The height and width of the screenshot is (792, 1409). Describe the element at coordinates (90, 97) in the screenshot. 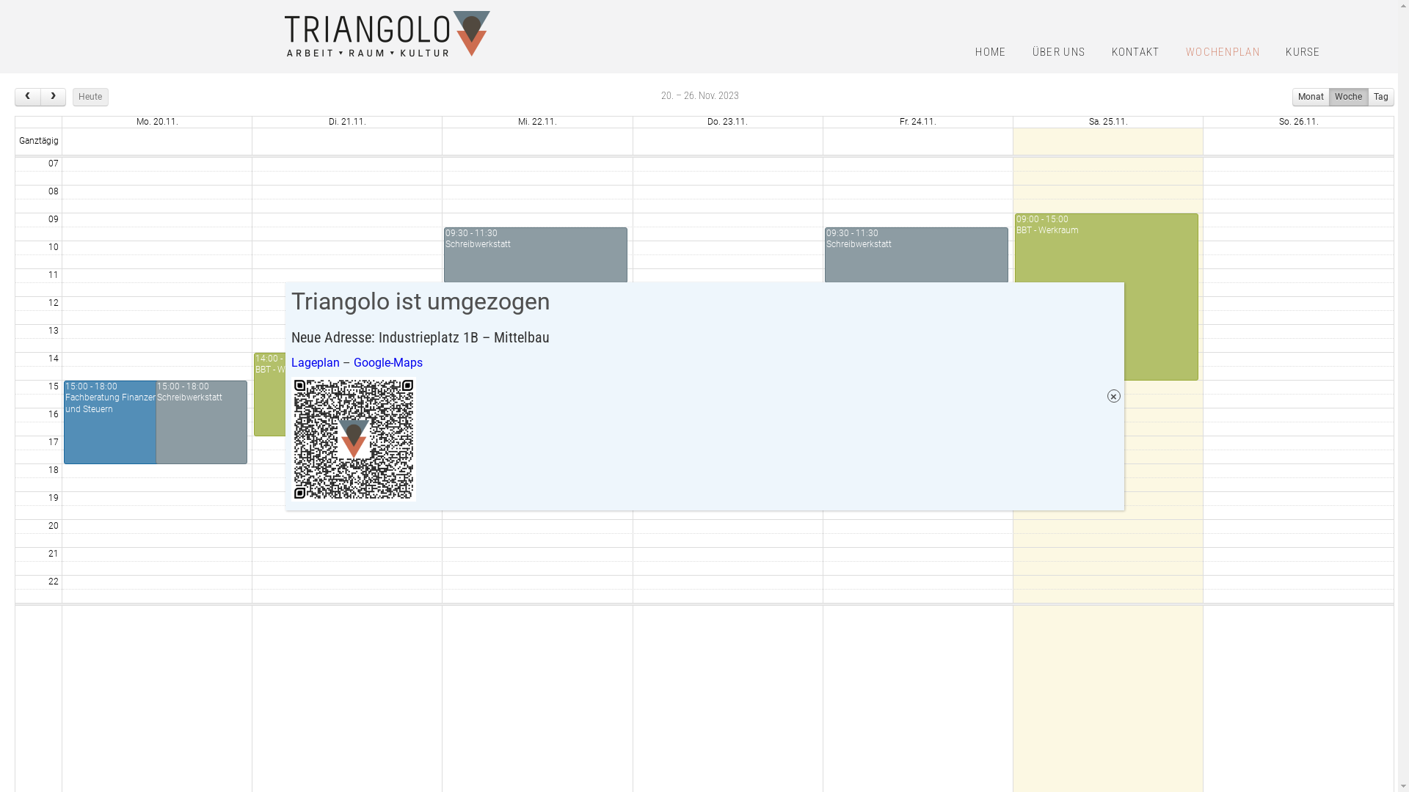

I see `'Heute'` at that location.